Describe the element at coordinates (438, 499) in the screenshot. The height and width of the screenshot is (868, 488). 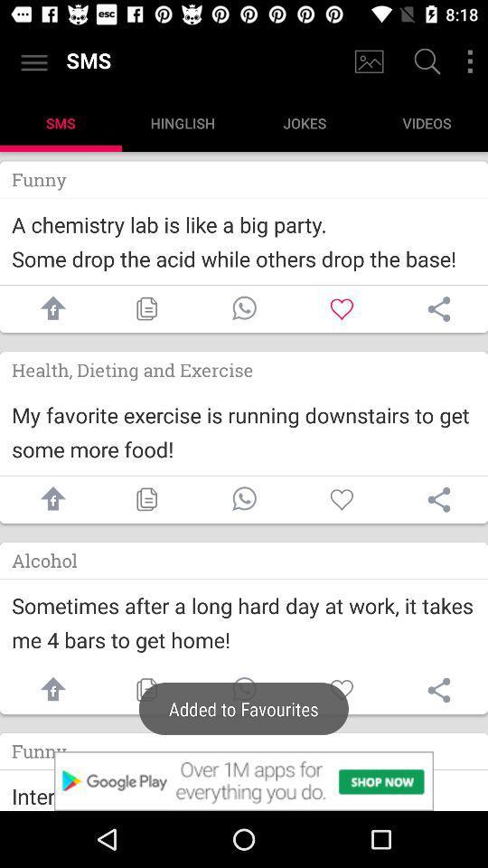
I see `share with others` at that location.